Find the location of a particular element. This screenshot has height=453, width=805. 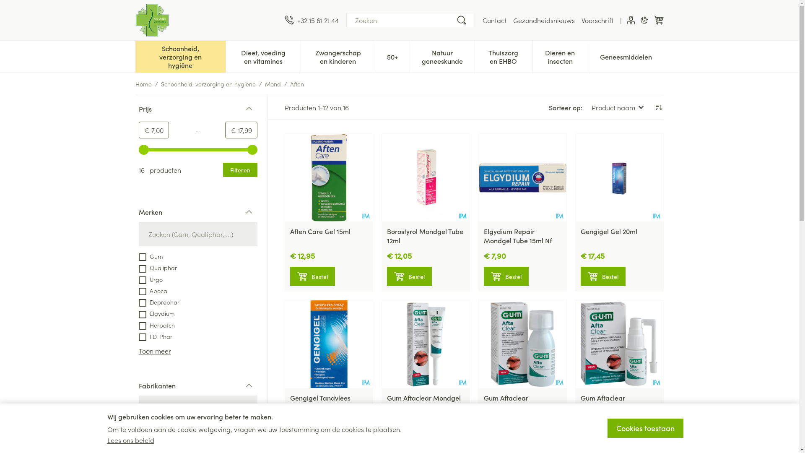

'I.D. Phar' is located at coordinates (138, 336).